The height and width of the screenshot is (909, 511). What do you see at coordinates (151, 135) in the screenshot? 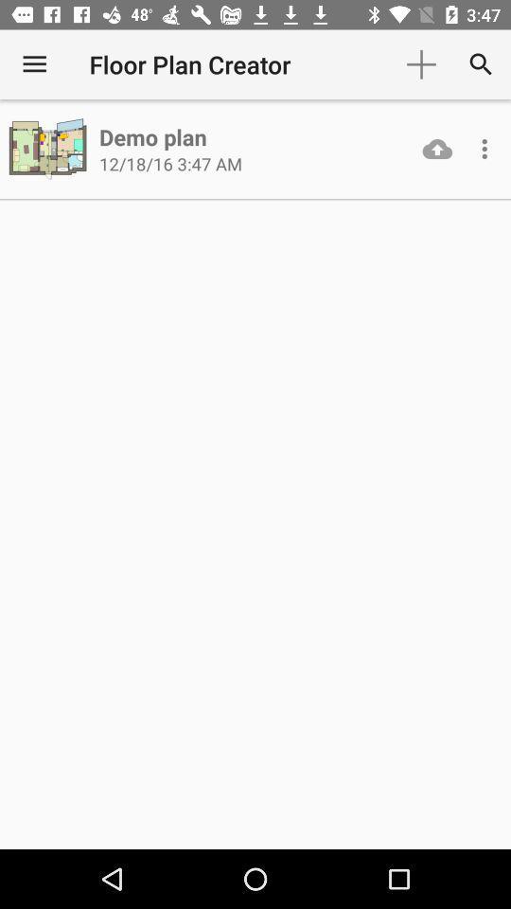
I see `item below the floor plan creator item` at bounding box center [151, 135].